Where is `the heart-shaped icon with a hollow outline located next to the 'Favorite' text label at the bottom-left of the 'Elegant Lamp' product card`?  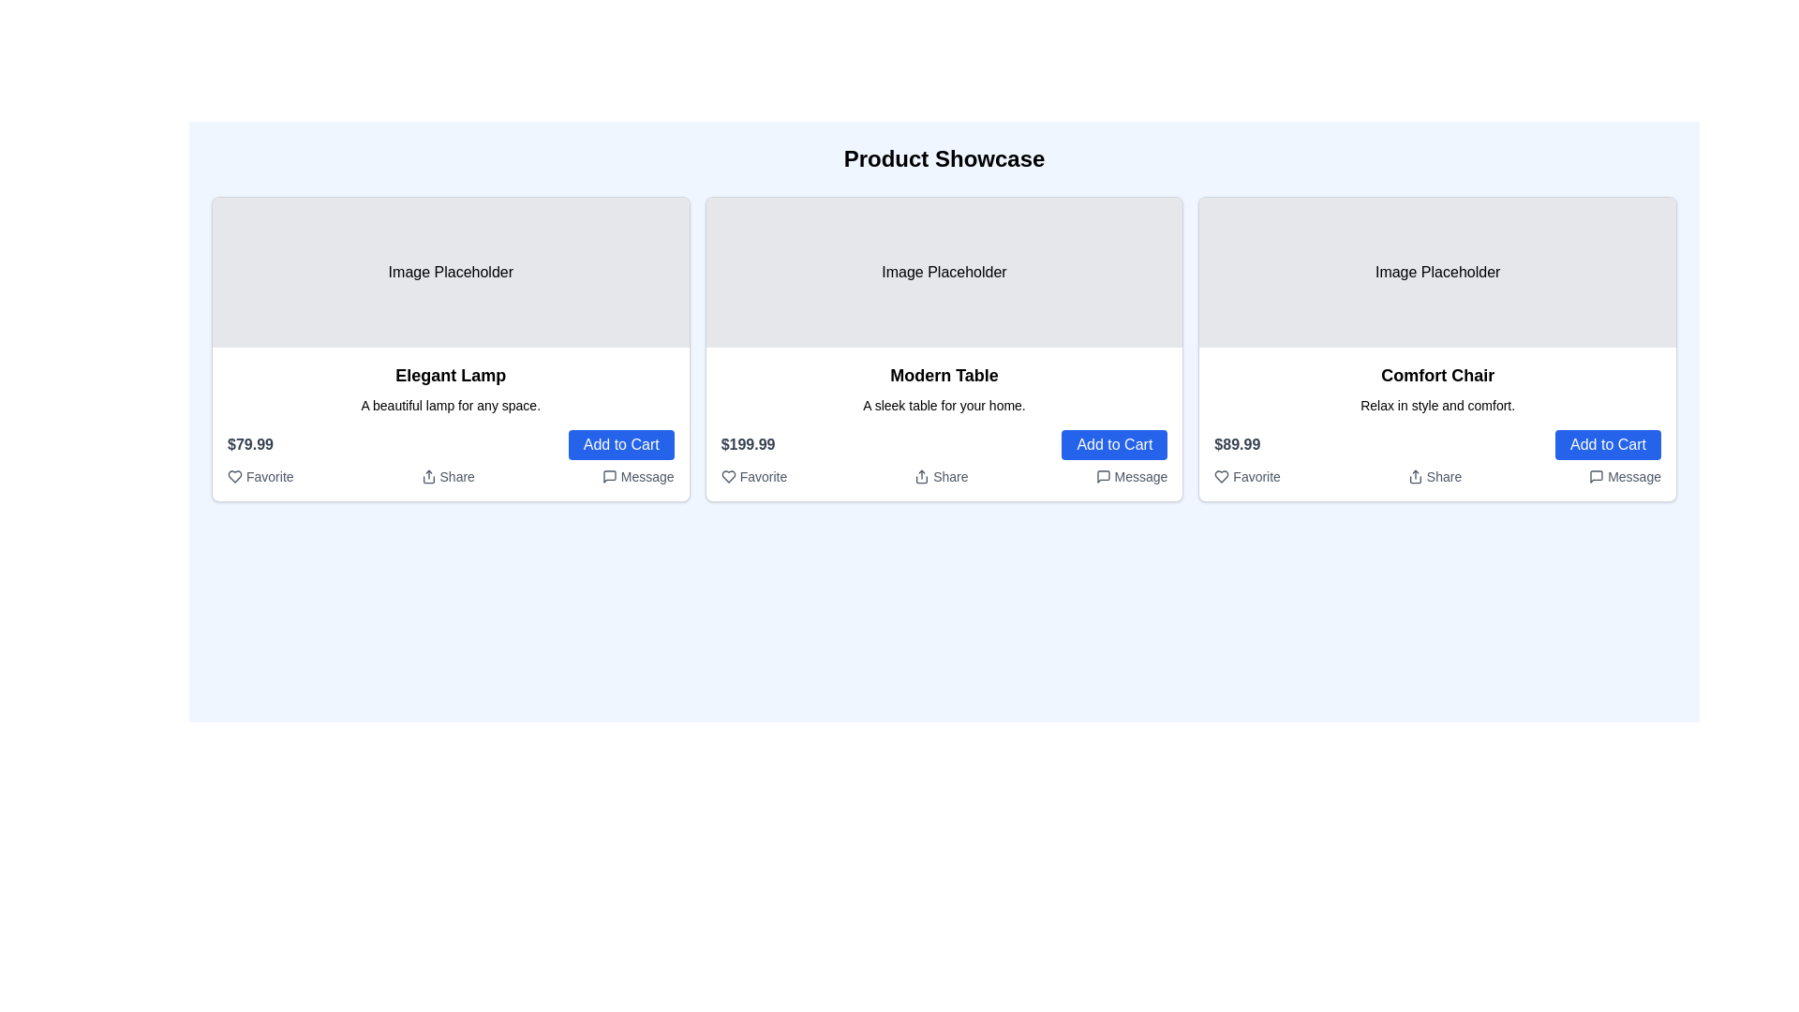 the heart-shaped icon with a hollow outline located next to the 'Favorite' text label at the bottom-left of the 'Elegant Lamp' product card is located at coordinates (233, 476).